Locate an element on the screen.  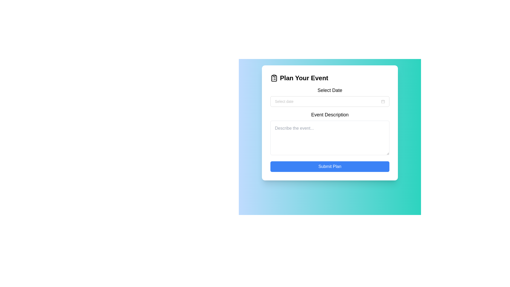
the static text label above the 'Select date' input field, which provides context and instruction to the user is located at coordinates (330, 90).